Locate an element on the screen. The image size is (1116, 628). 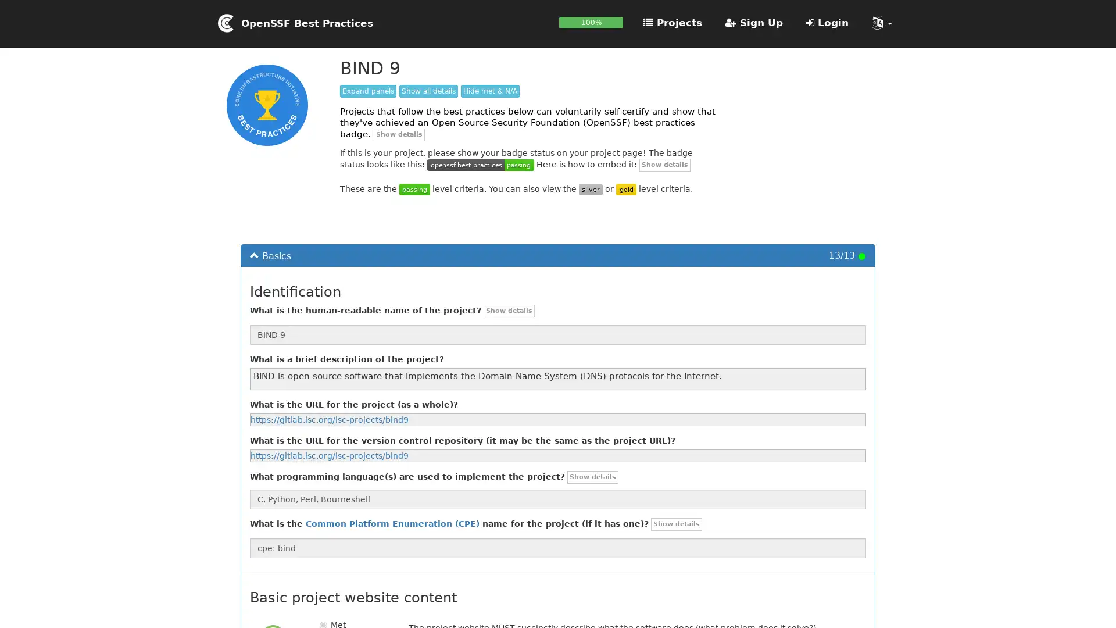
Show details is located at coordinates (676, 524).